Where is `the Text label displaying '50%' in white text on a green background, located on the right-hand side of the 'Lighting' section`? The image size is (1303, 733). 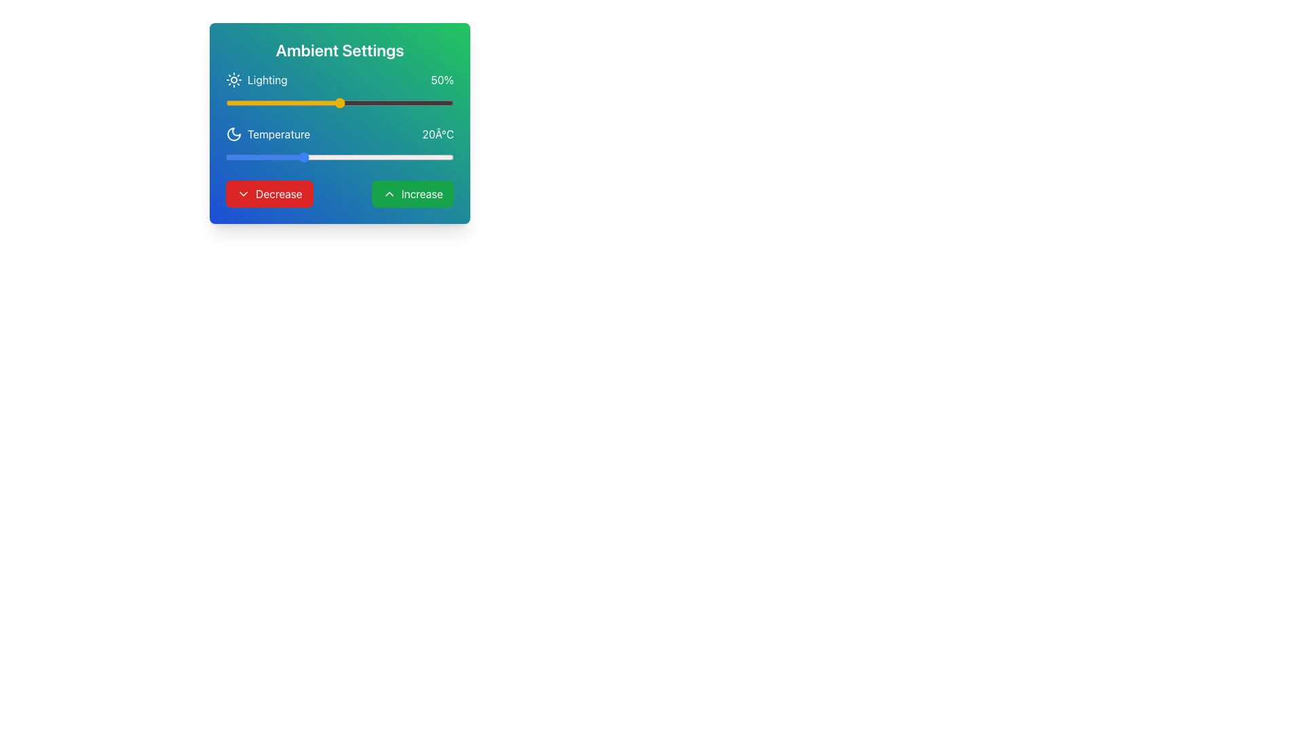
the Text label displaying '50%' in white text on a green background, located on the right-hand side of the 'Lighting' section is located at coordinates (442, 80).